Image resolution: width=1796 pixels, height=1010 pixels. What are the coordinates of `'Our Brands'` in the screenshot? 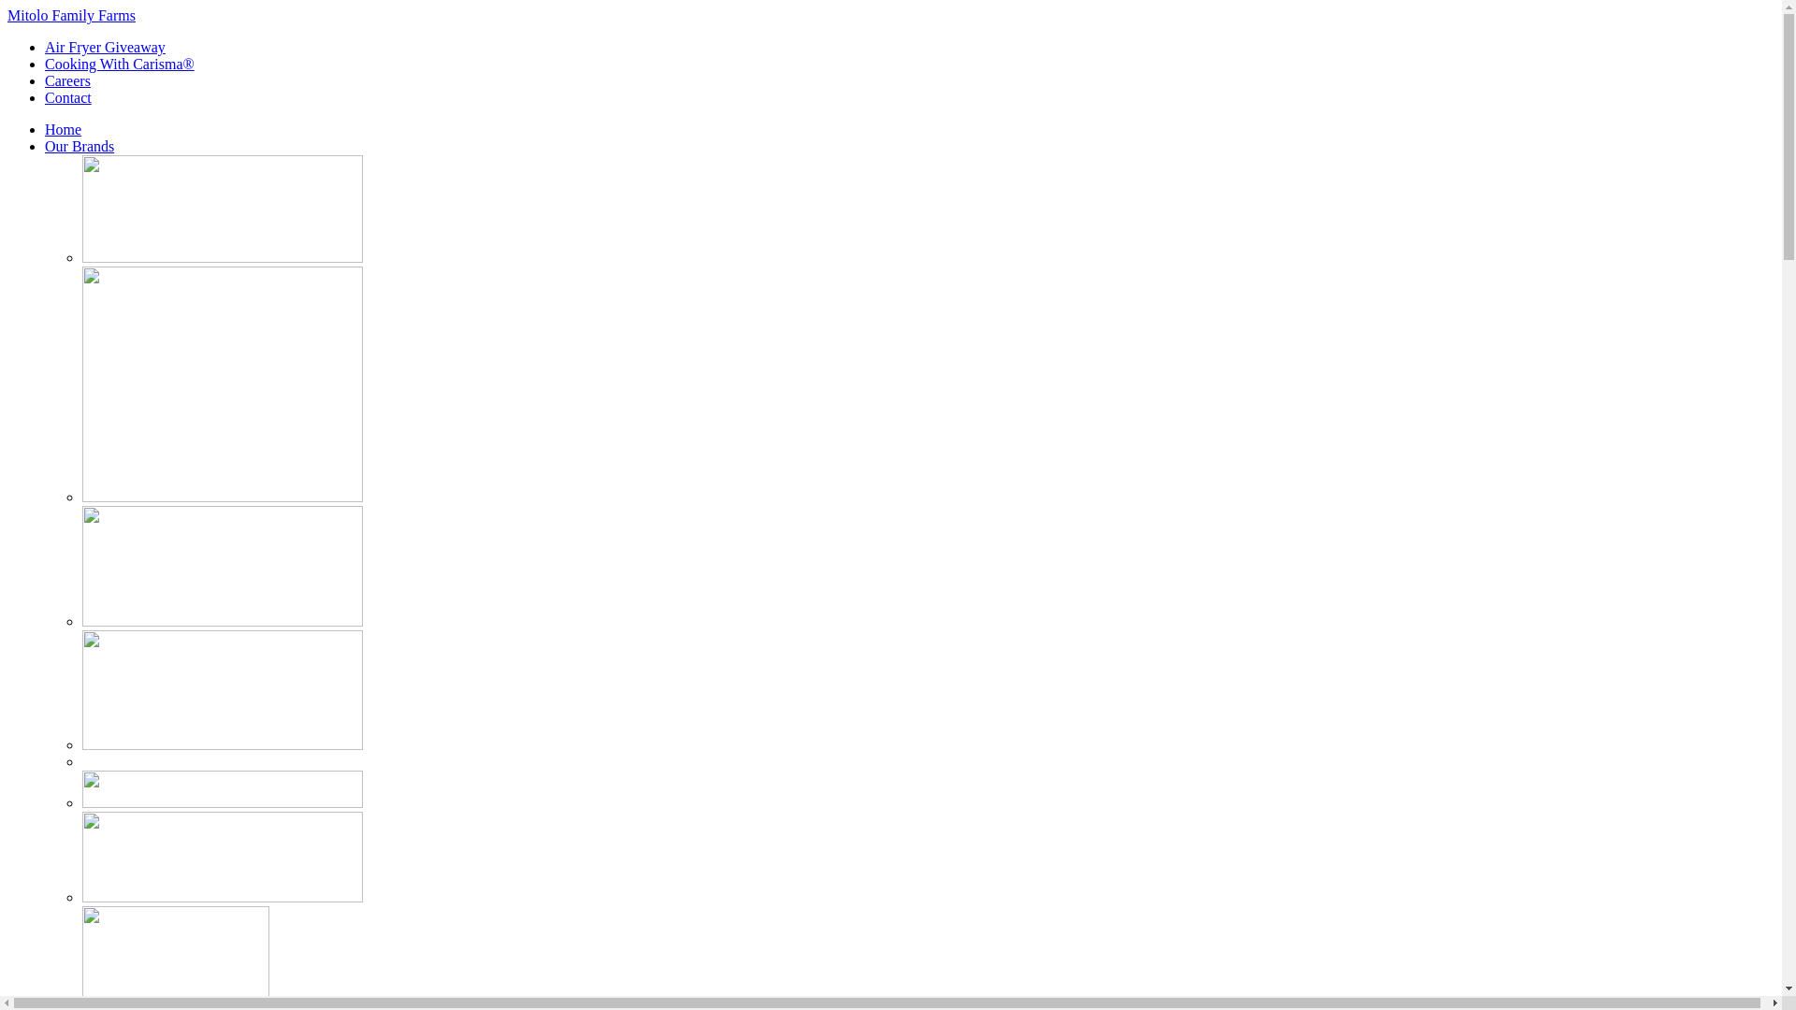 It's located at (79, 145).